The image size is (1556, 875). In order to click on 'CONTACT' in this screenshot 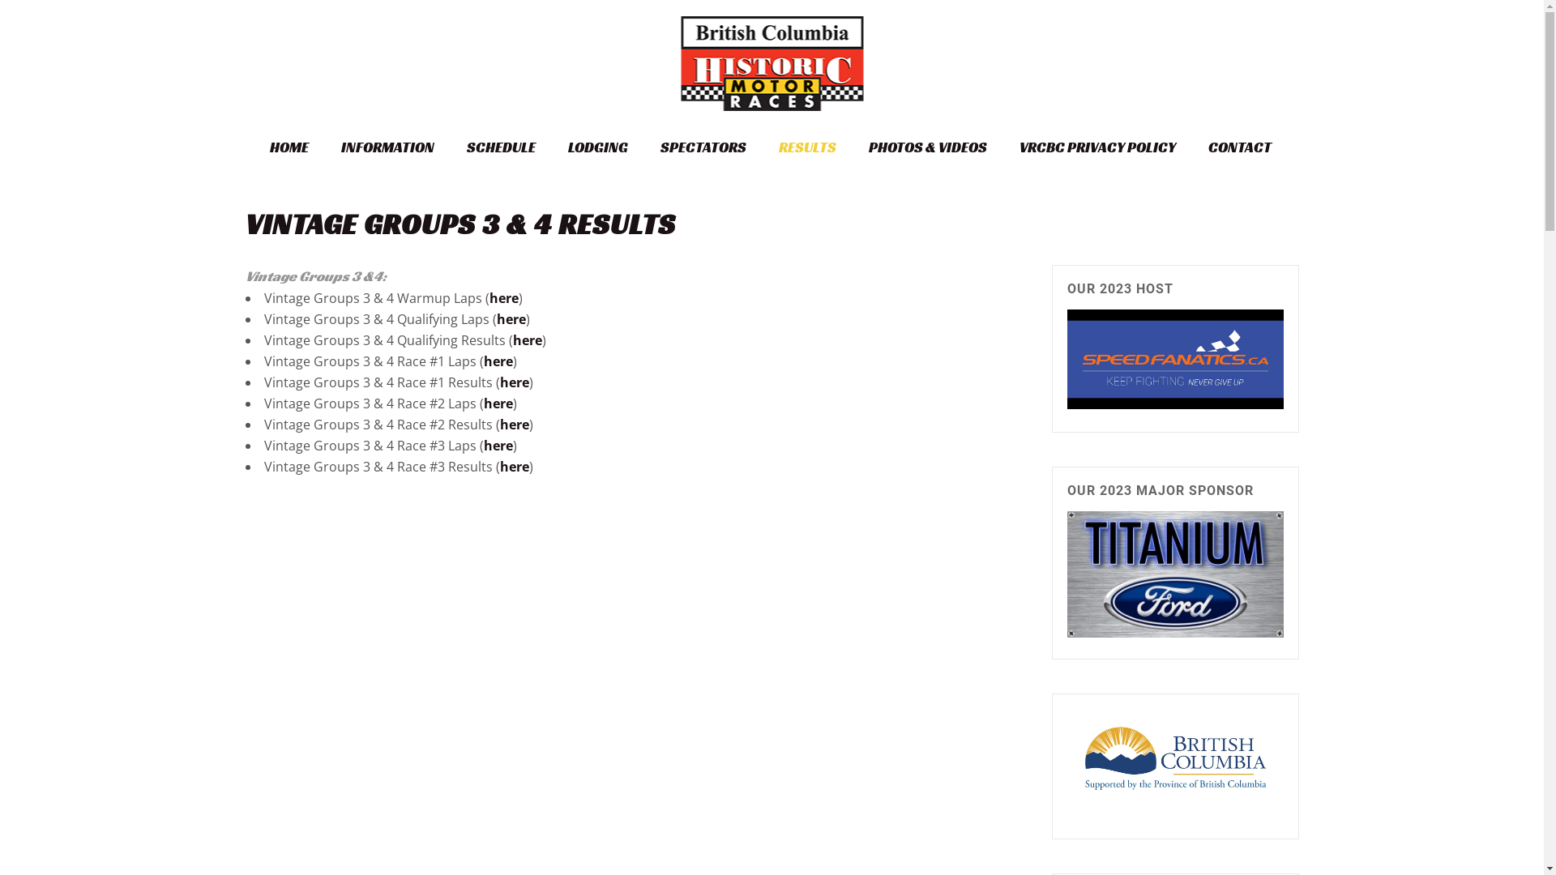, I will do `click(1238, 147)`.